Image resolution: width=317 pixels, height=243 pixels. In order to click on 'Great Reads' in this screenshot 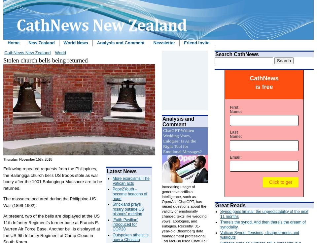, I will do `click(230, 205)`.